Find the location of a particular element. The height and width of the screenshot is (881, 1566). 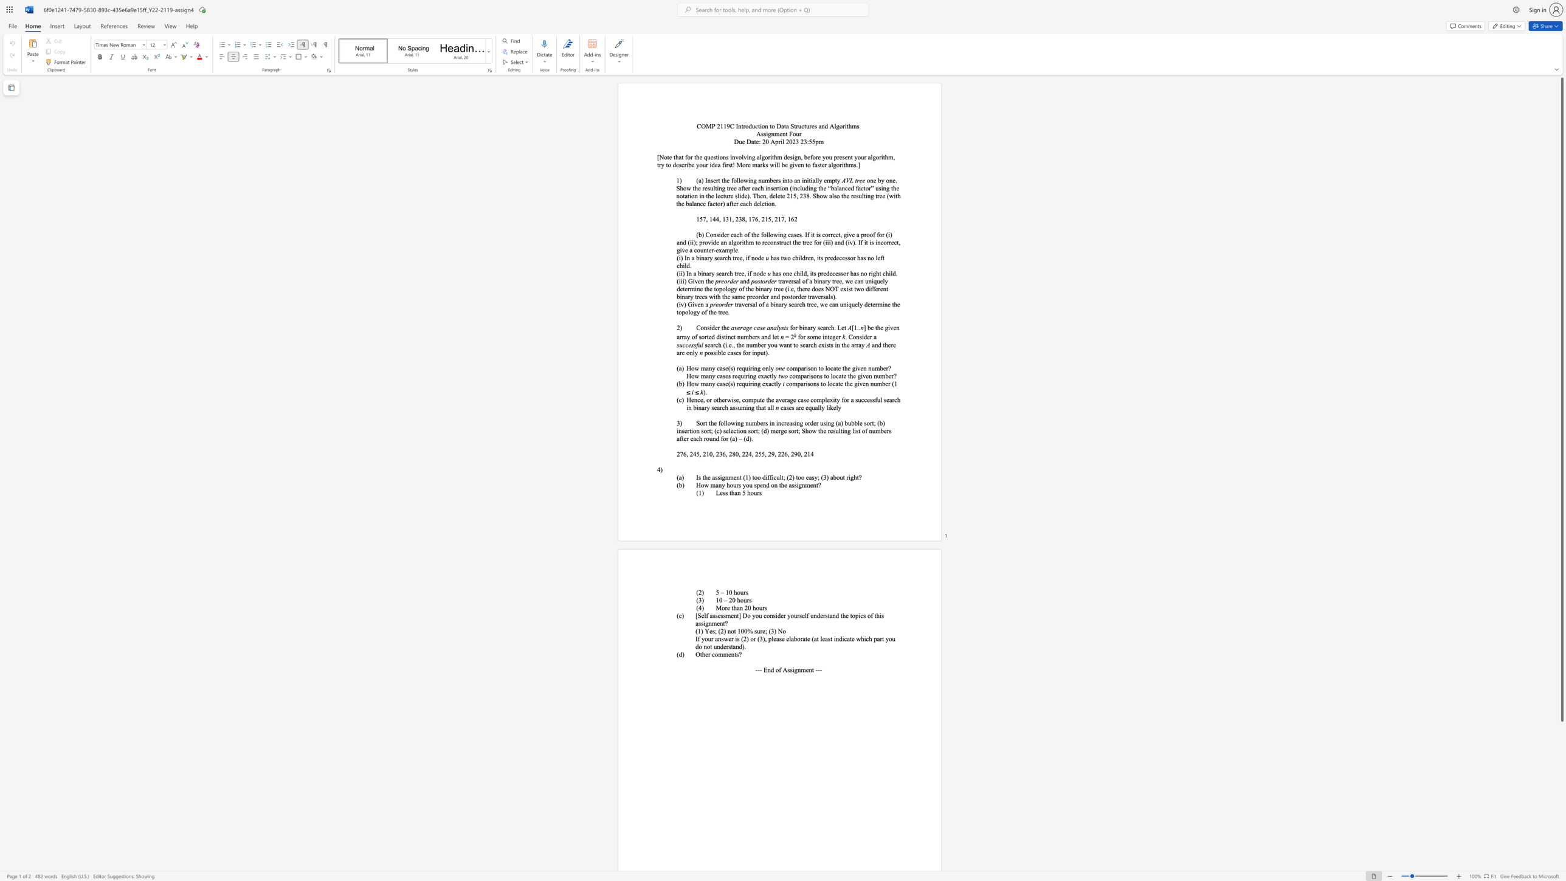

the subset text "Date: 2" within the text "Due Date: 20 April 2023 23:55pm" is located at coordinates (746, 140).